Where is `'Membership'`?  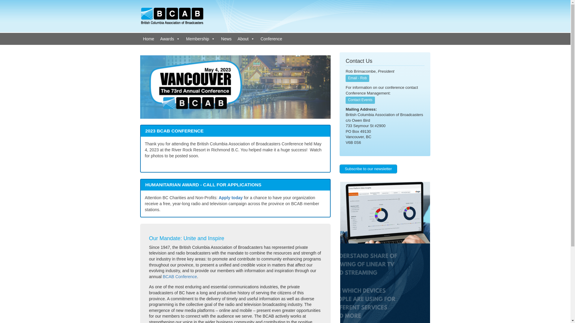 'Membership' is located at coordinates (182, 39).